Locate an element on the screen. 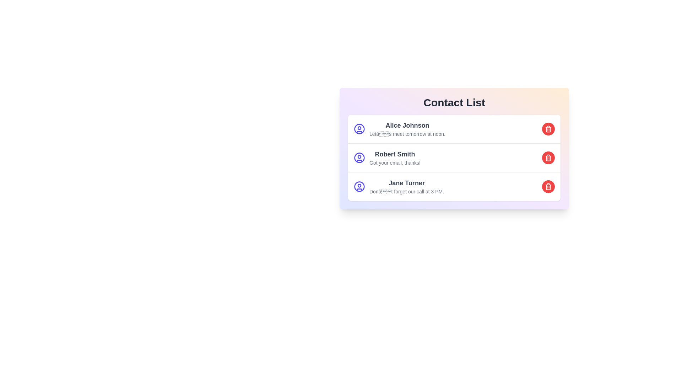 This screenshot has height=384, width=682. delete button for the contact named Robert Smith is located at coordinates (548, 157).